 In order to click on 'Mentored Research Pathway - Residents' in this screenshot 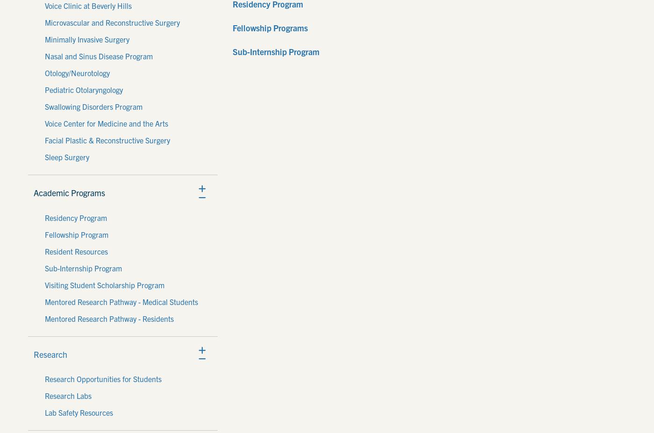, I will do `click(45, 317)`.